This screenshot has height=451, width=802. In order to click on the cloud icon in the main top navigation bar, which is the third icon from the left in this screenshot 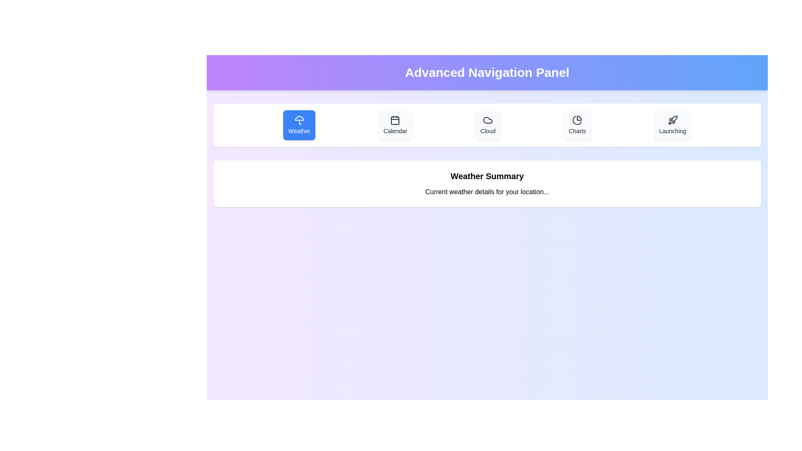, I will do `click(488, 120)`.